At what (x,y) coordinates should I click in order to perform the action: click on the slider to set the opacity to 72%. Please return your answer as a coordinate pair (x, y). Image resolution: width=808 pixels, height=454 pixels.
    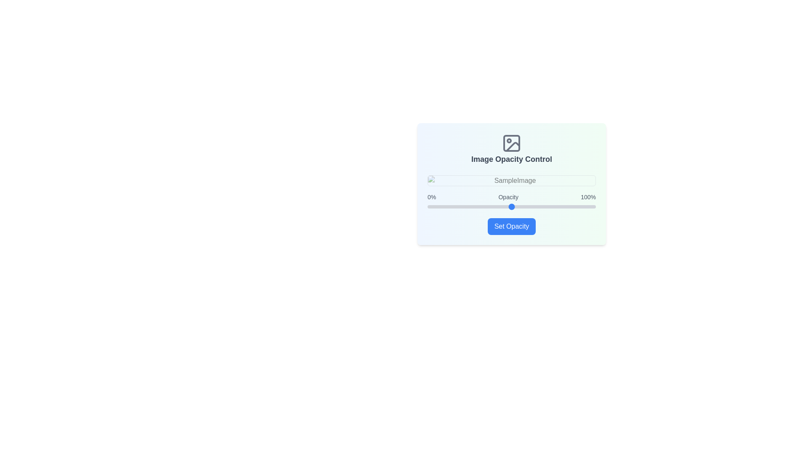
    Looking at the image, I should click on (549, 207).